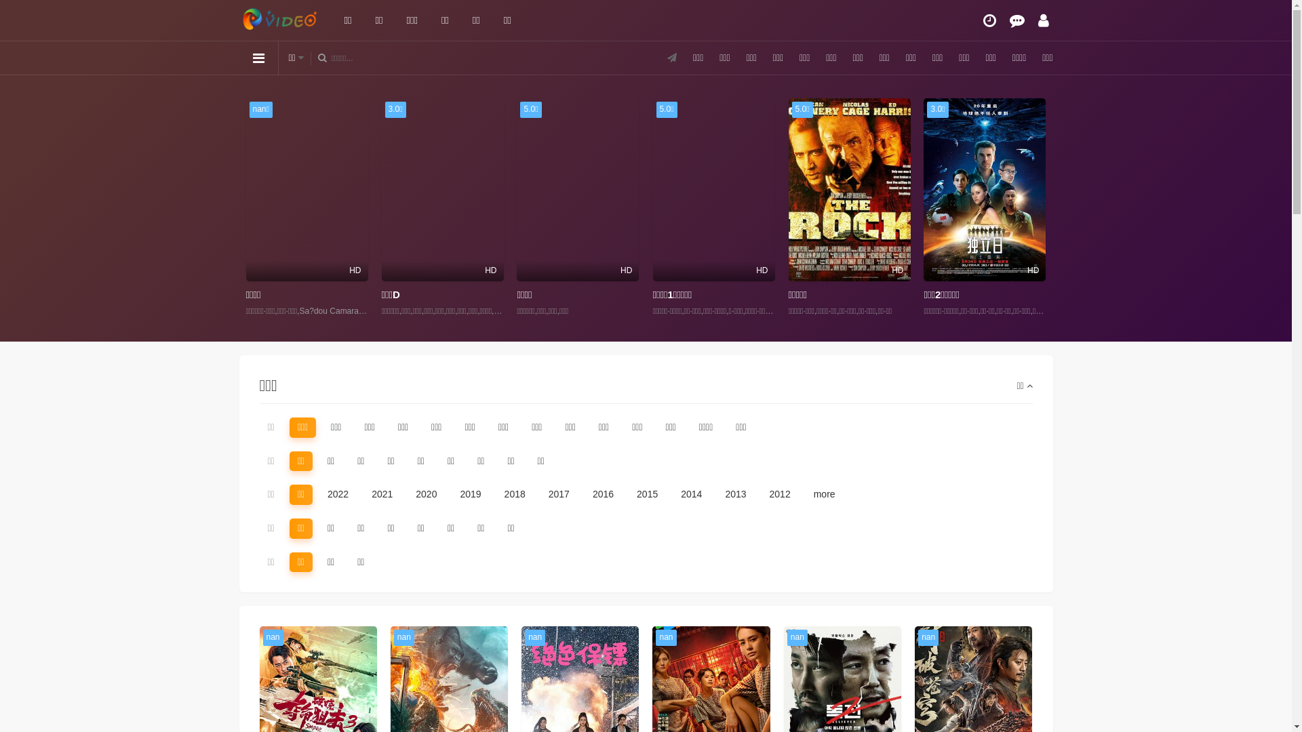 This screenshot has height=732, width=1302. Describe the element at coordinates (602, 494) in the screenshot. I see `'2016'` at that location.